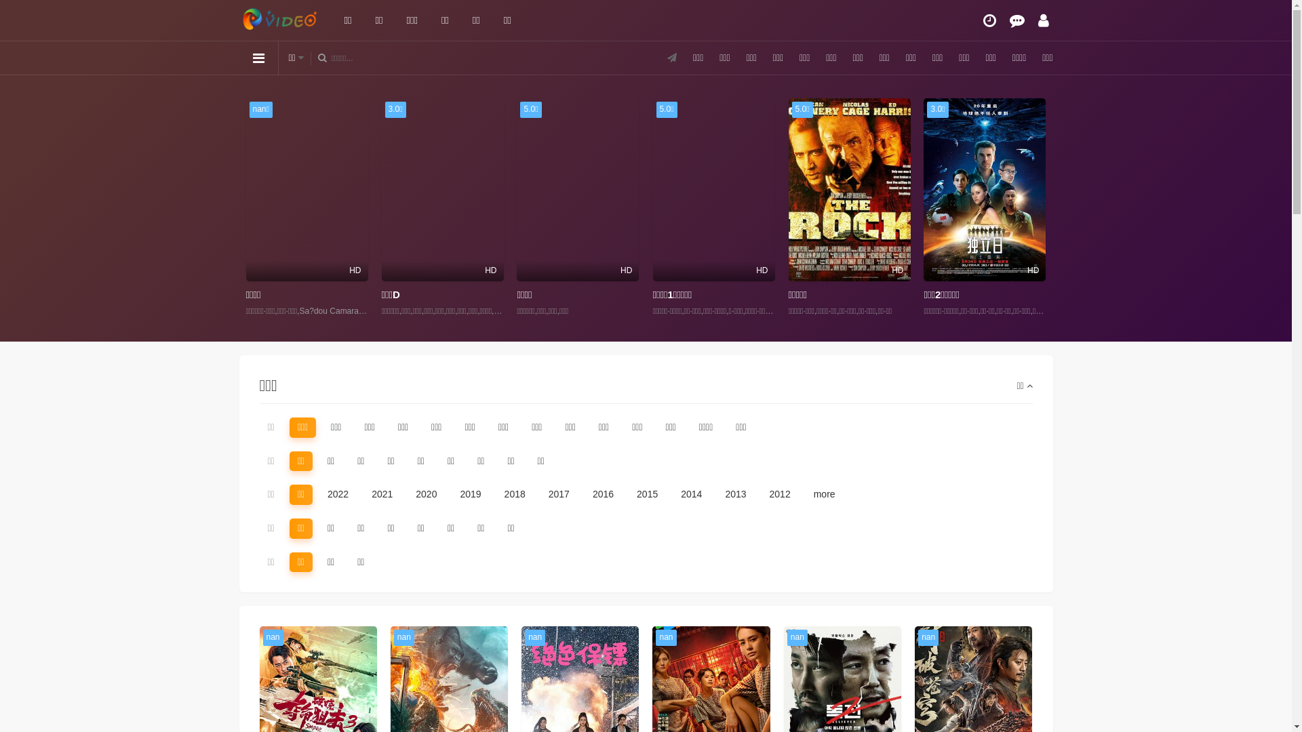 This screenshot has height=732, width=1302. Describe the element at coordinates (602, 494) in the screenshot. I see `'2016'` at that location.